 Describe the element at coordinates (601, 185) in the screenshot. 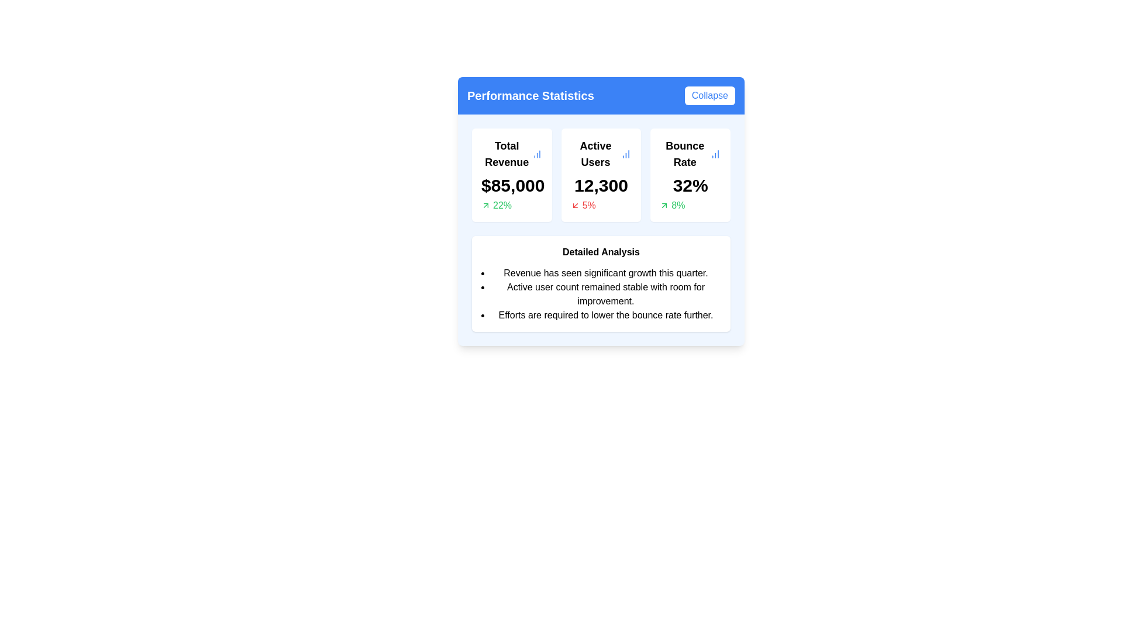

I see `value from the 'Active Users' text label, which displays the number of active users in the dashboard, located in the middle column under the 'Performance Statistics' banner` at that location.